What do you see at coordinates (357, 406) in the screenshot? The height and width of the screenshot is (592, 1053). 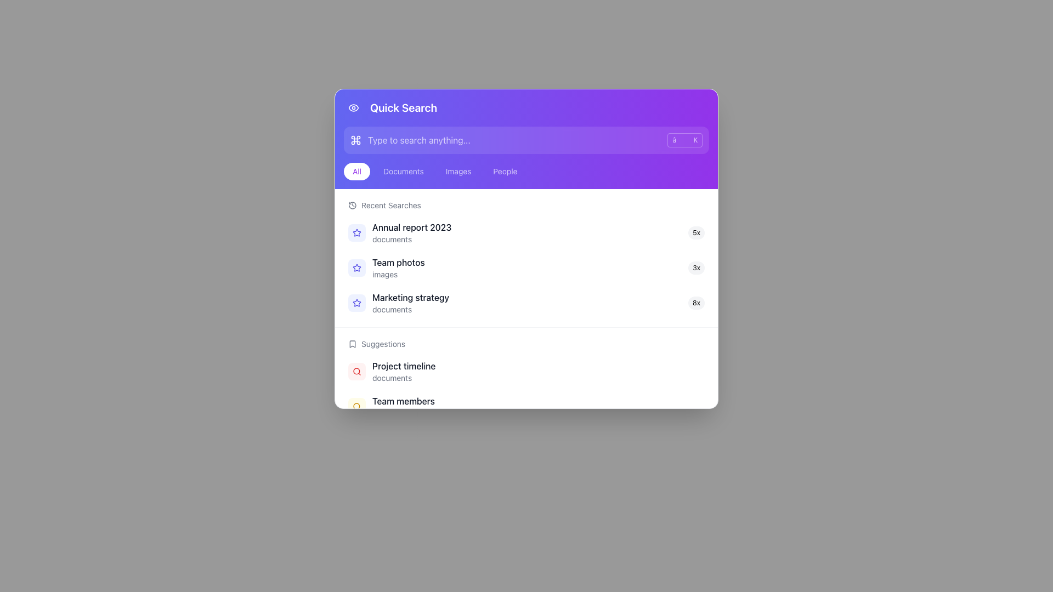 I see `the search icon located to the left of the 'Team members' entry in the 'Suggestions' section` at bounding box center [357, 406].